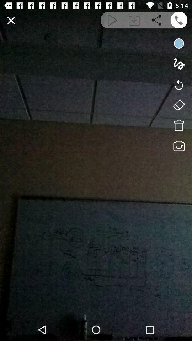 The width and height of the screenshot is (192, 341). Describe the element at coordinates (178, 104) in the screenshot. I see `eraser` at that location.